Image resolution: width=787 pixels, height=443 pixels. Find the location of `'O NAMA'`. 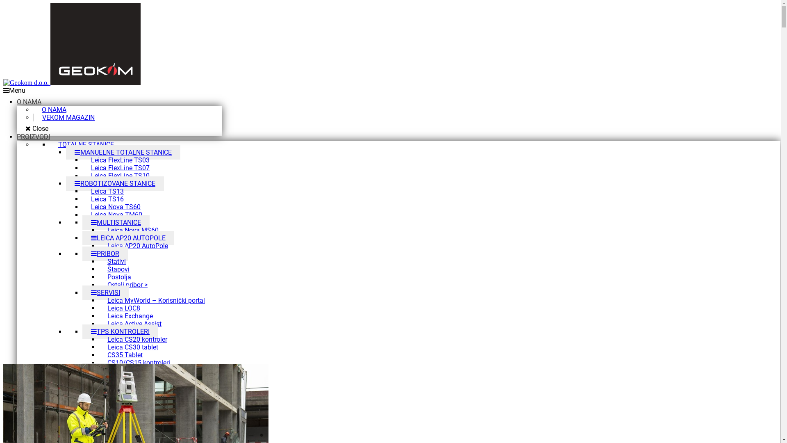

'O NAMA' is located at coordinates (29, 101).